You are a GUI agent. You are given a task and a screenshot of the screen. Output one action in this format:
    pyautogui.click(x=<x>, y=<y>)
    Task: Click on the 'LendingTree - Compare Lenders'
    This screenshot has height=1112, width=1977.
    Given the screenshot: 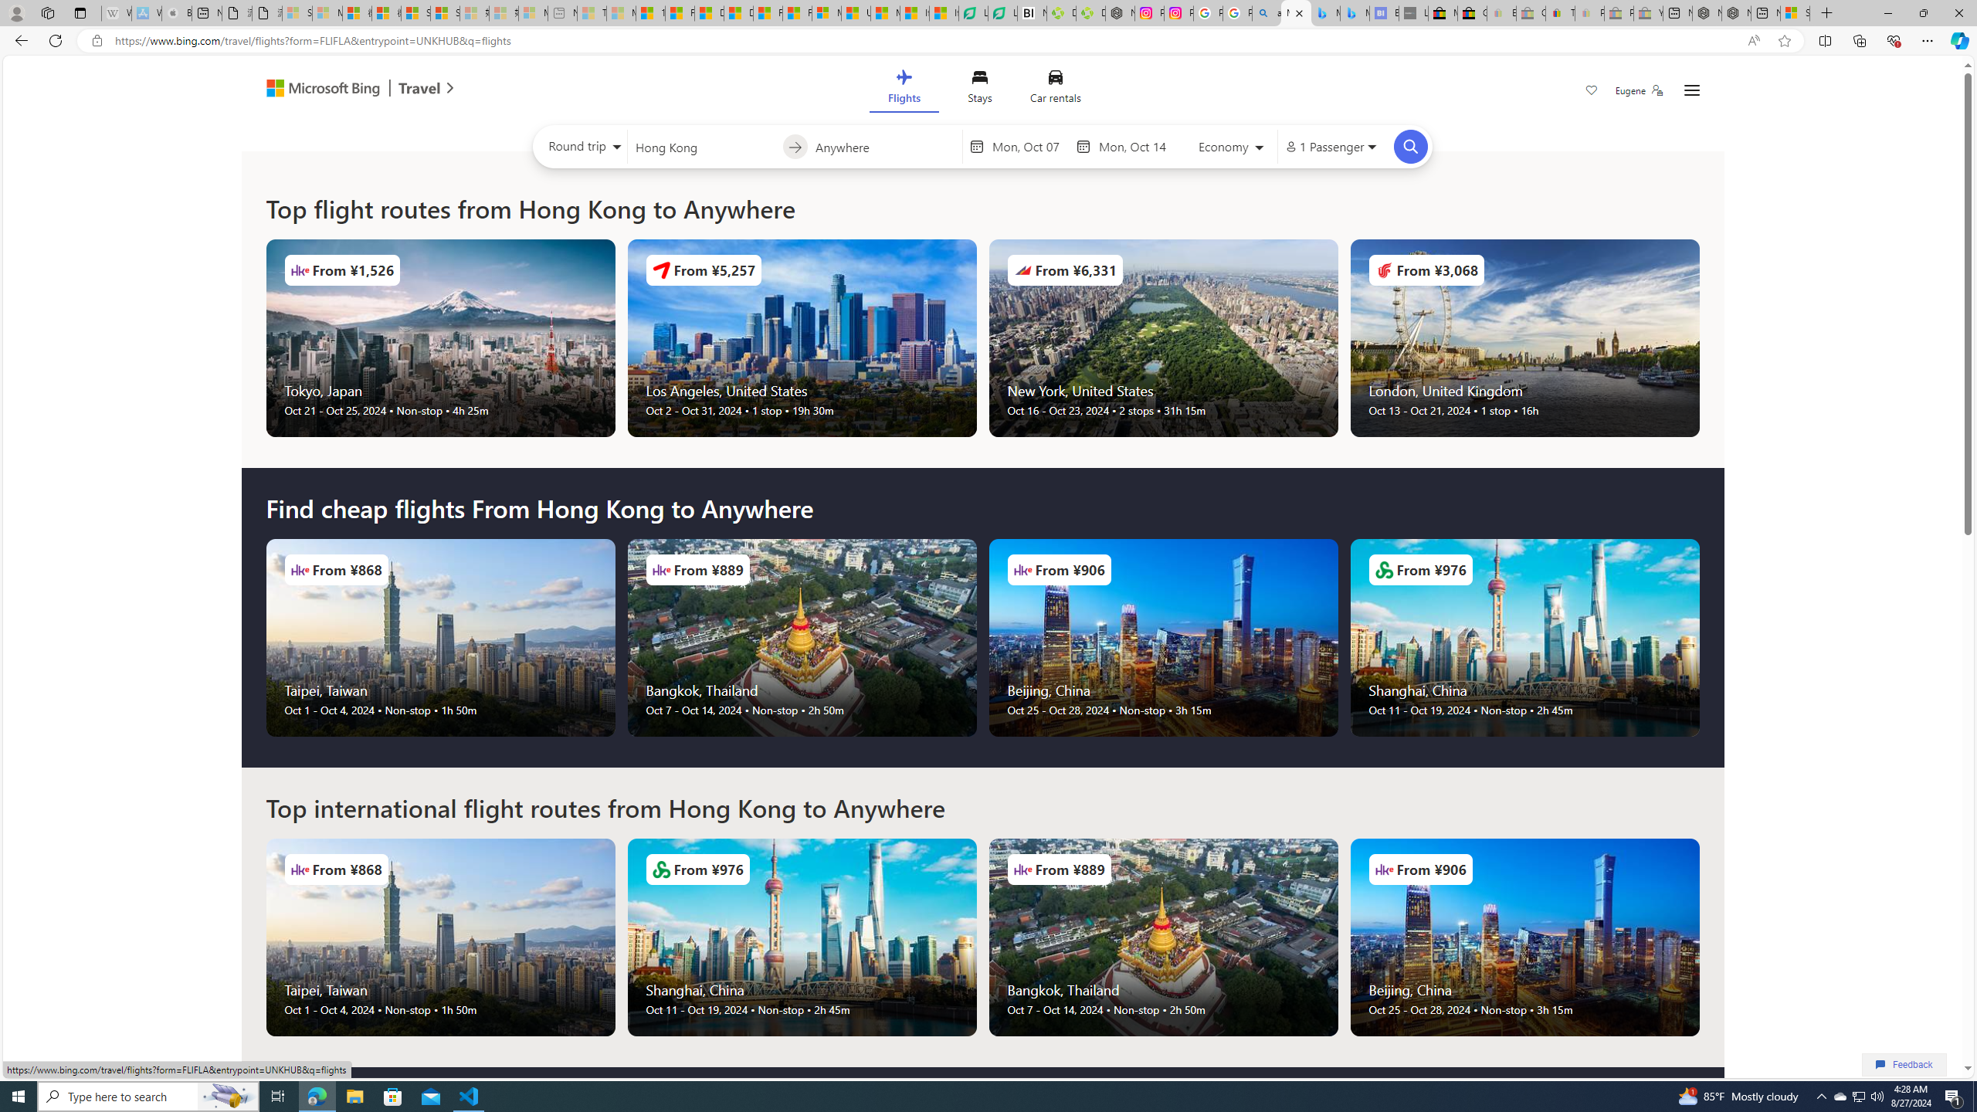 What is the action you would take?
    pyautogui.click(x=1001, y=12)
    